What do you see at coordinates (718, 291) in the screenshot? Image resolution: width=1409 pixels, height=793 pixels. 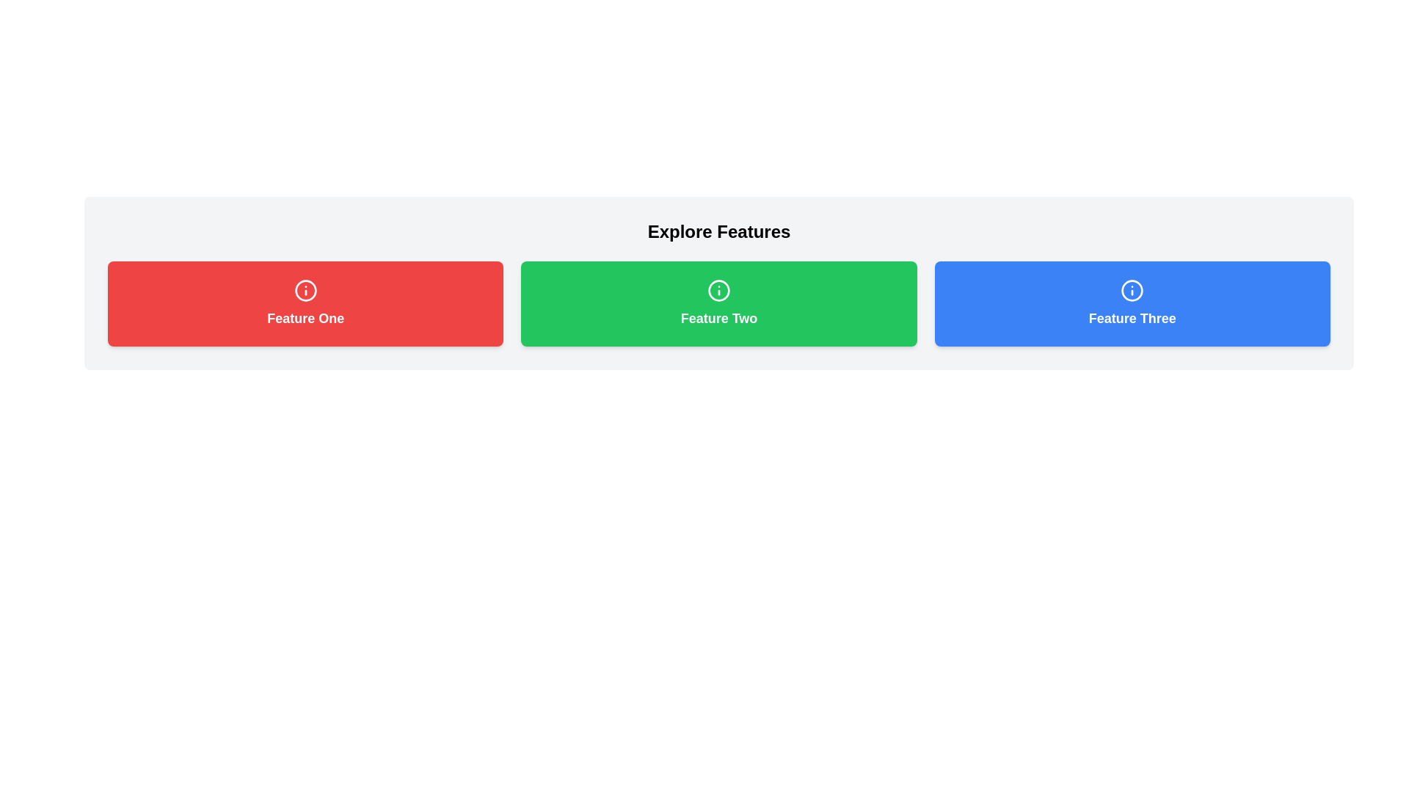 I see `the circular icon with an information symbol ('i') inside, which is located at the center of the green card labeled 'Feature Two'` at bounding box center [718, 291].